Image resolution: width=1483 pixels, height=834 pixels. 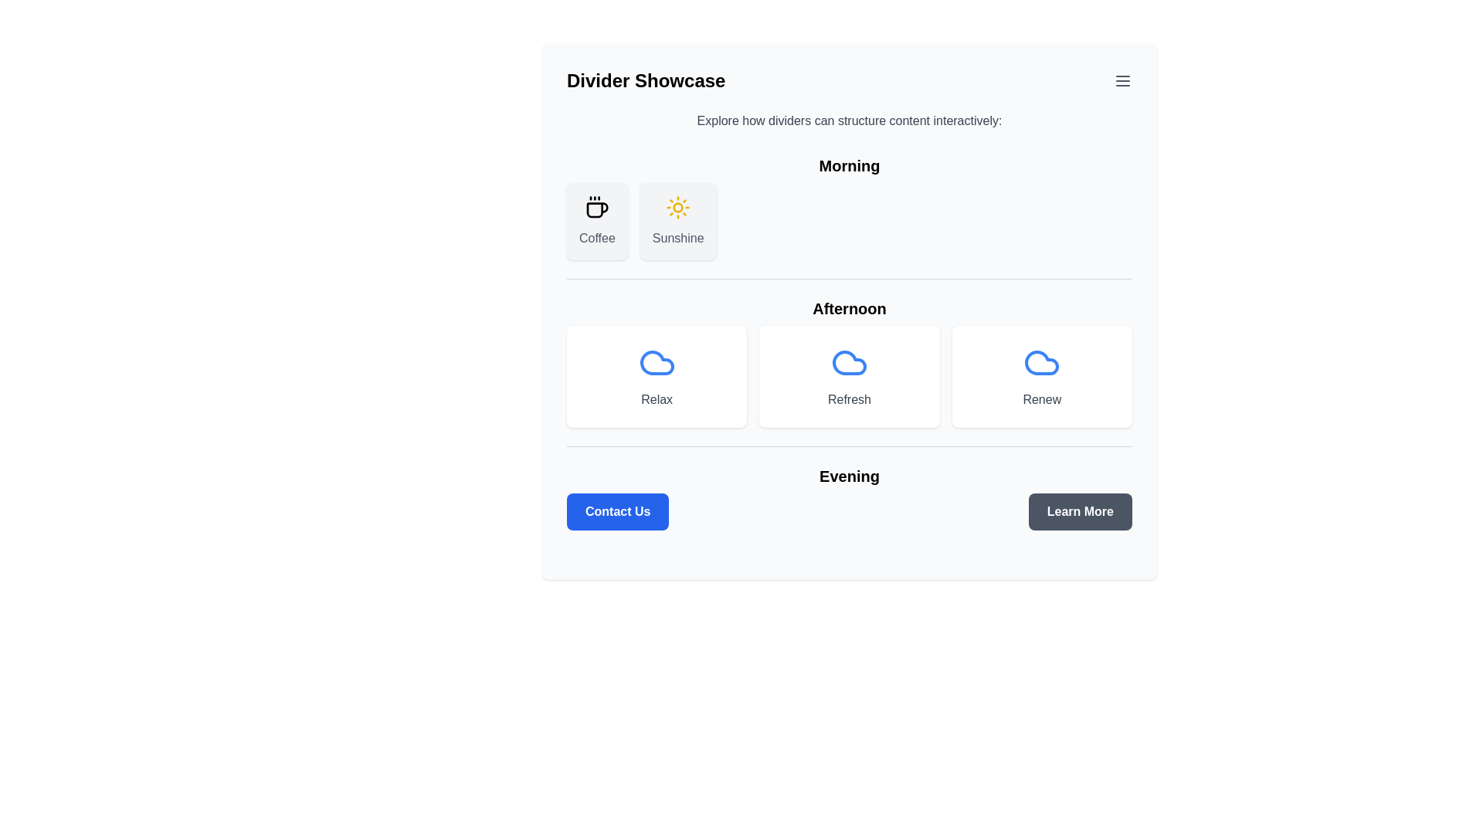 What do you see at coordinates (848, 120) in the screenshot?
I see `the text label reading 'Explore how dividers can structure content interactively:'` at bounding box center [848, 120].